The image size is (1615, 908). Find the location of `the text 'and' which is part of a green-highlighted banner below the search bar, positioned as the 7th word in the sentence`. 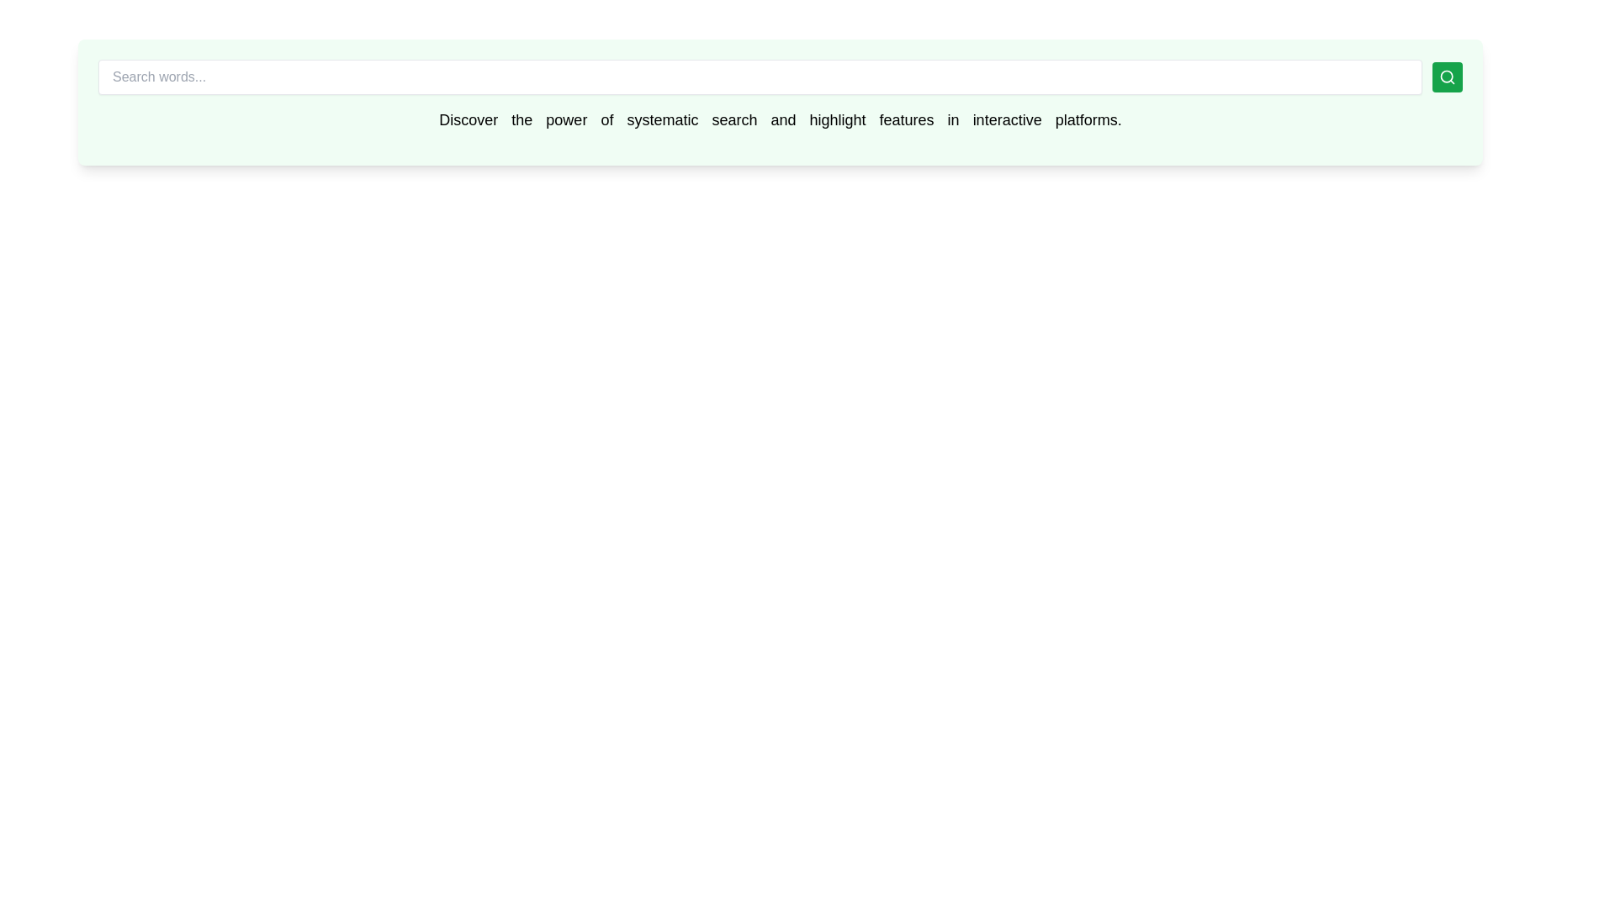

the text 'and' which is part of a green-highlighted banner below the search bar, positioned as the 7th word in the sentence is located at coordinates (782, 119).